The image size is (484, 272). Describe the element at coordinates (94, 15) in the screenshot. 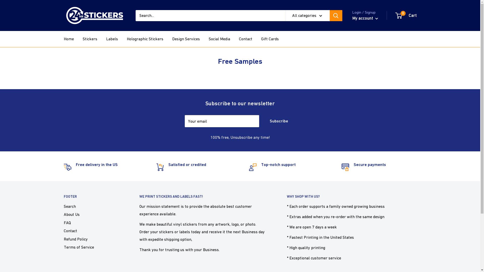

I see `'24hrstickers'` at that location.